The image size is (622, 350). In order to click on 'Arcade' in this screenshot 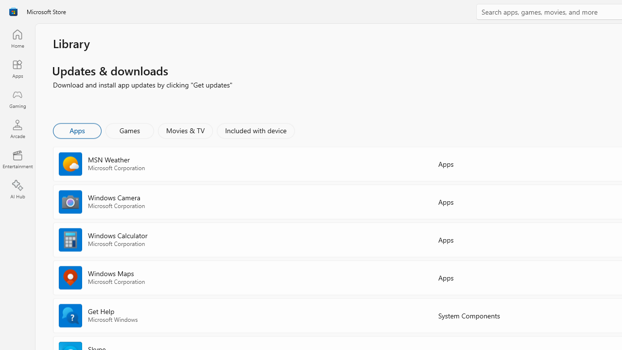, I will do `click(17, 128)`.